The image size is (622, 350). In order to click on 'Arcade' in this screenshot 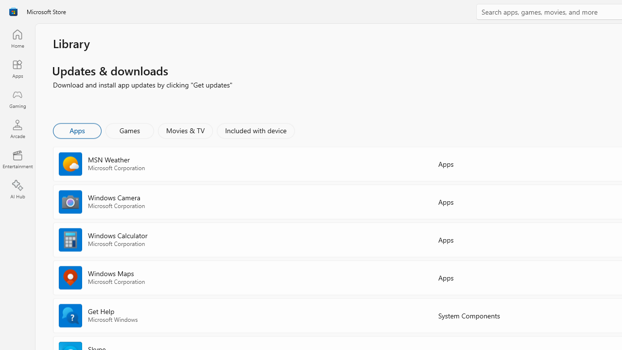, I will do `click(17, 128)`.